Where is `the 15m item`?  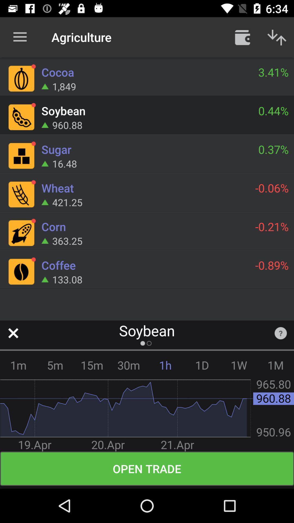 the 15m item is located at coordinates (91, 365).